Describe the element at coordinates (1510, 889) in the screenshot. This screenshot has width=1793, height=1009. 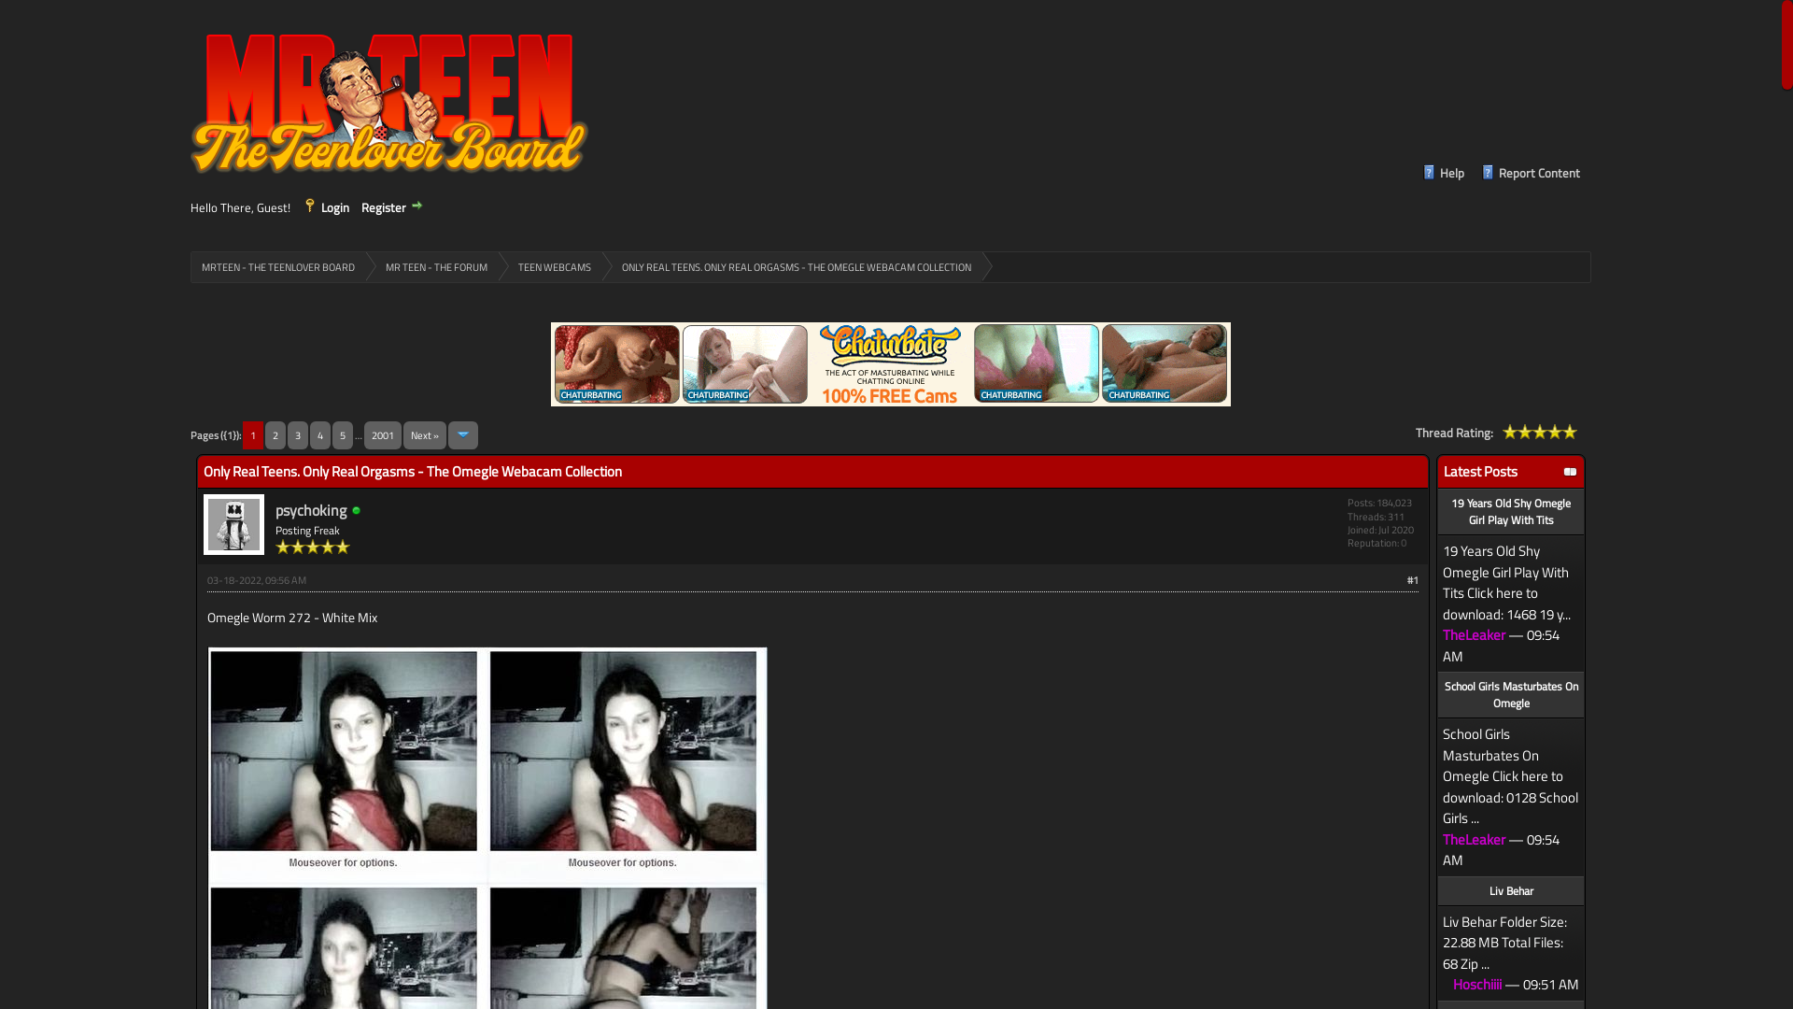
I see `'Liv Behar'` at that location.